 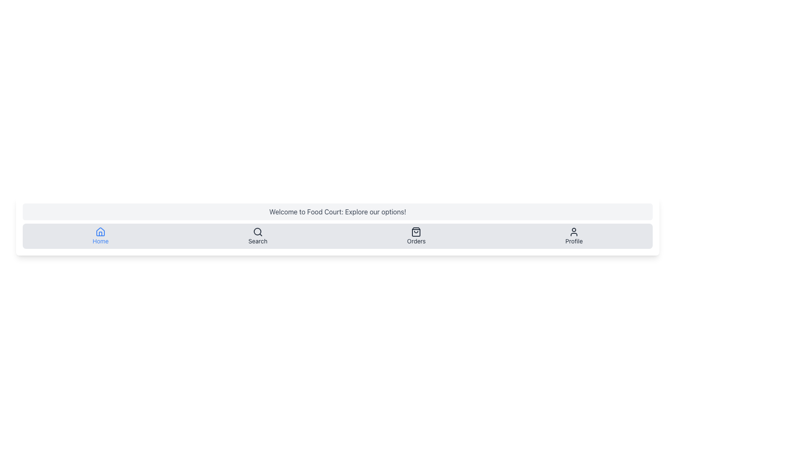 I want to click on the 'Home' button, which is the first item in the horizontal navigation bar styled in blue with a house icon and the label 'Home' below it, so click(x=101, y=236).